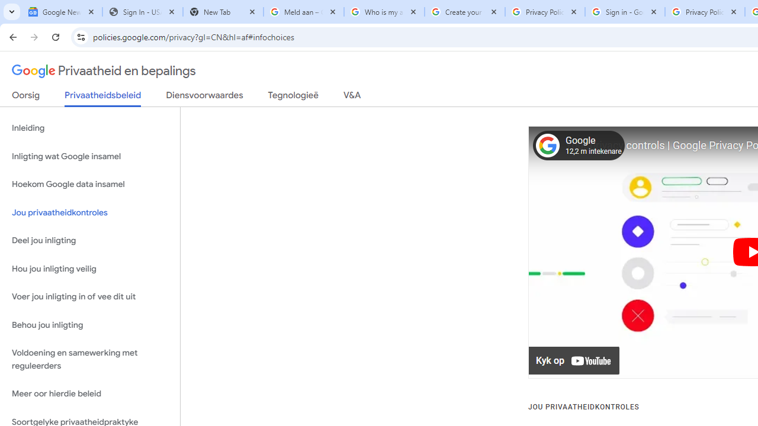 The image size is (758, 426). Describe the element at coordinates (89, 325) in the screenshot. I see `'Behou jou inligting'` at that location.